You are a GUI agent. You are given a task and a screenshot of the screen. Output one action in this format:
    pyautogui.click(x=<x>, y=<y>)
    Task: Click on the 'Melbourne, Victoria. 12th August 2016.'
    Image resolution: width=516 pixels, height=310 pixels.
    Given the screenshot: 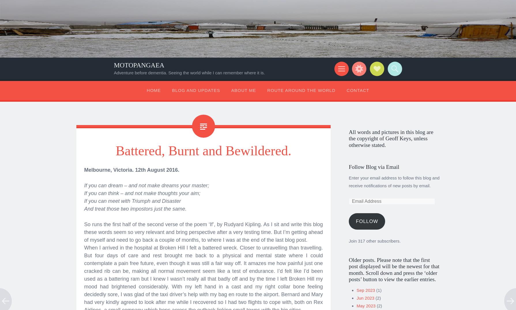 What is the action you would take?
    pyautogui.click(x=131, y=167)
    